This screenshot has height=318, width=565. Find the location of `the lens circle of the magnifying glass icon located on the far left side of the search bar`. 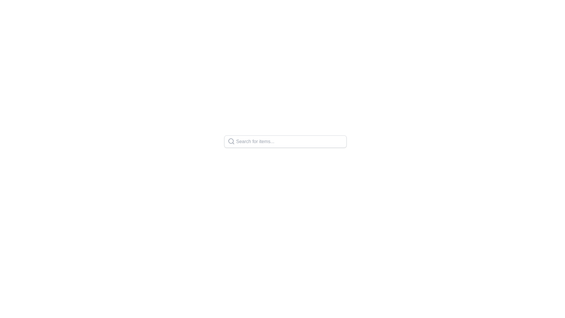

the lens circle of the magnifying glass icon located on the far left side of the search bar is located at coordinates (230, 141).